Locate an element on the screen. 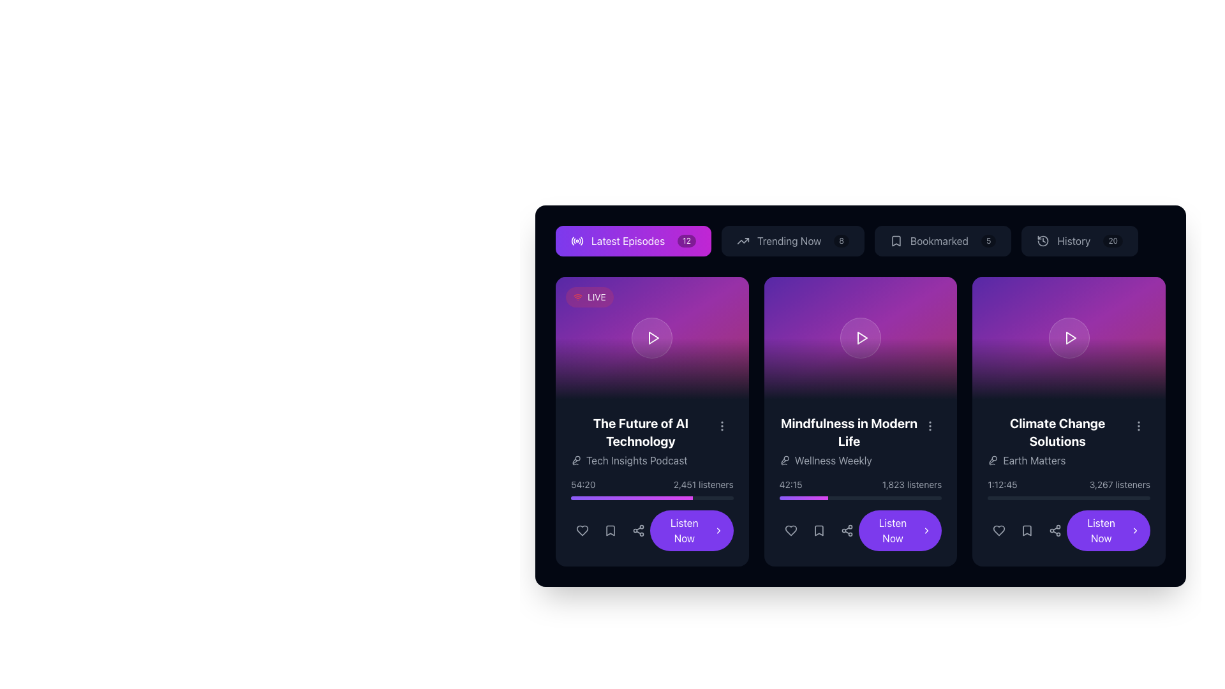  text displayed in the second card from the left, showing the podcast episode title 'Mindfulness in Modern Life' and its series name 'Wellness Weekly' is located at coordinates (849, 440).